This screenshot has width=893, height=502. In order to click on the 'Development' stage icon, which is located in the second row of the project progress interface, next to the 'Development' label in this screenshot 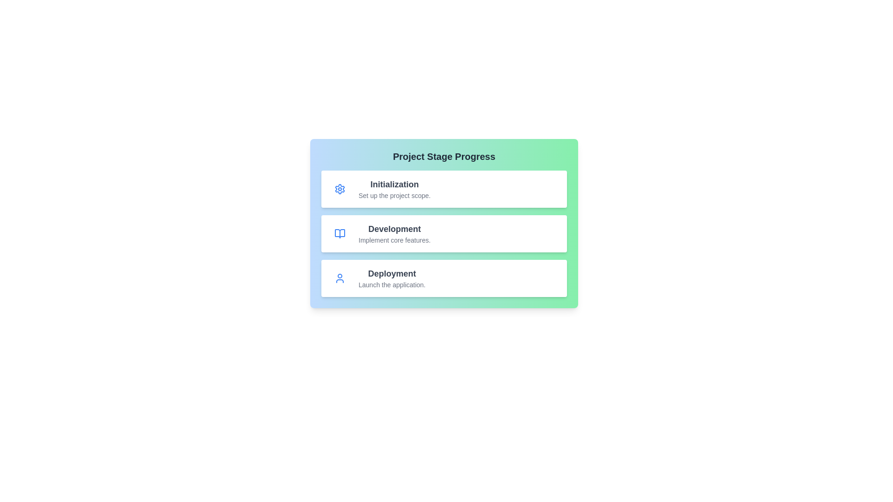, I will do `click(339, 233)`.